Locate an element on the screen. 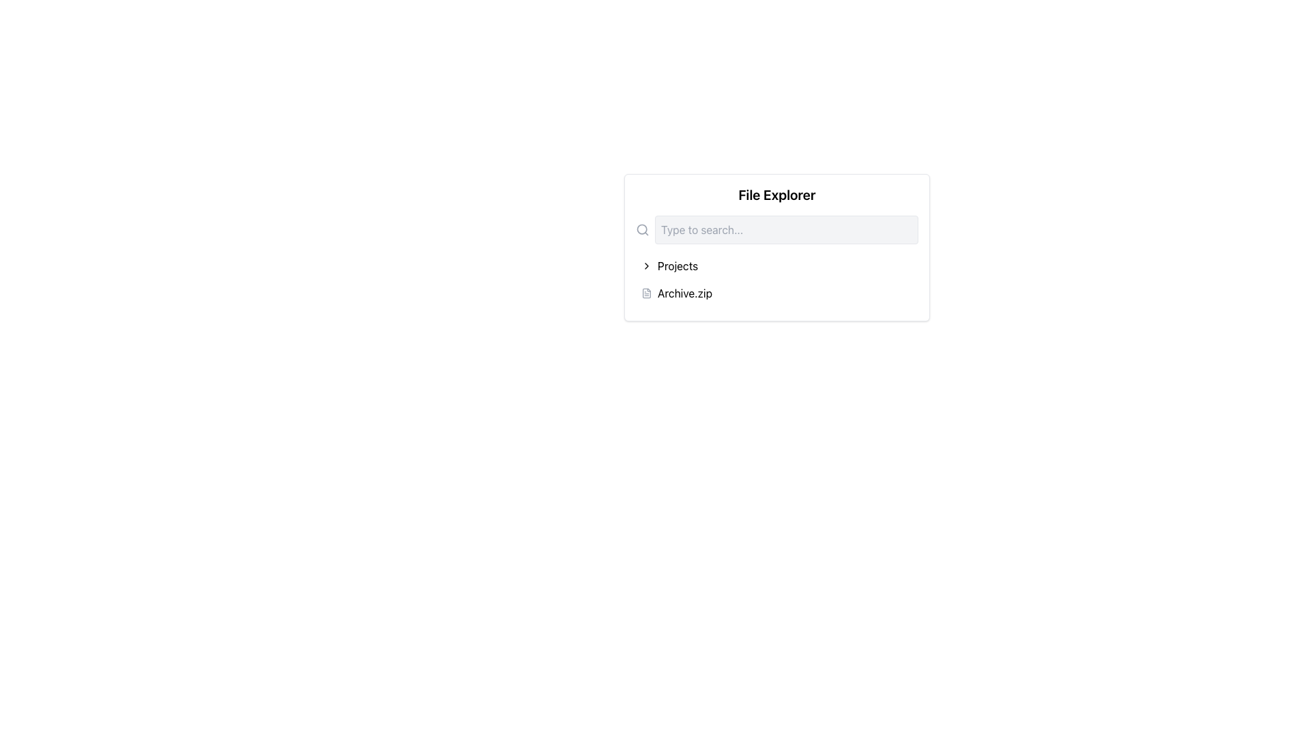  the 'Projects' label in the file management system, which is positioned under the 'File Explorer' header and is part of a horizontal arrangement with a chevron icon preceding it is located at coordinates (678, 265).